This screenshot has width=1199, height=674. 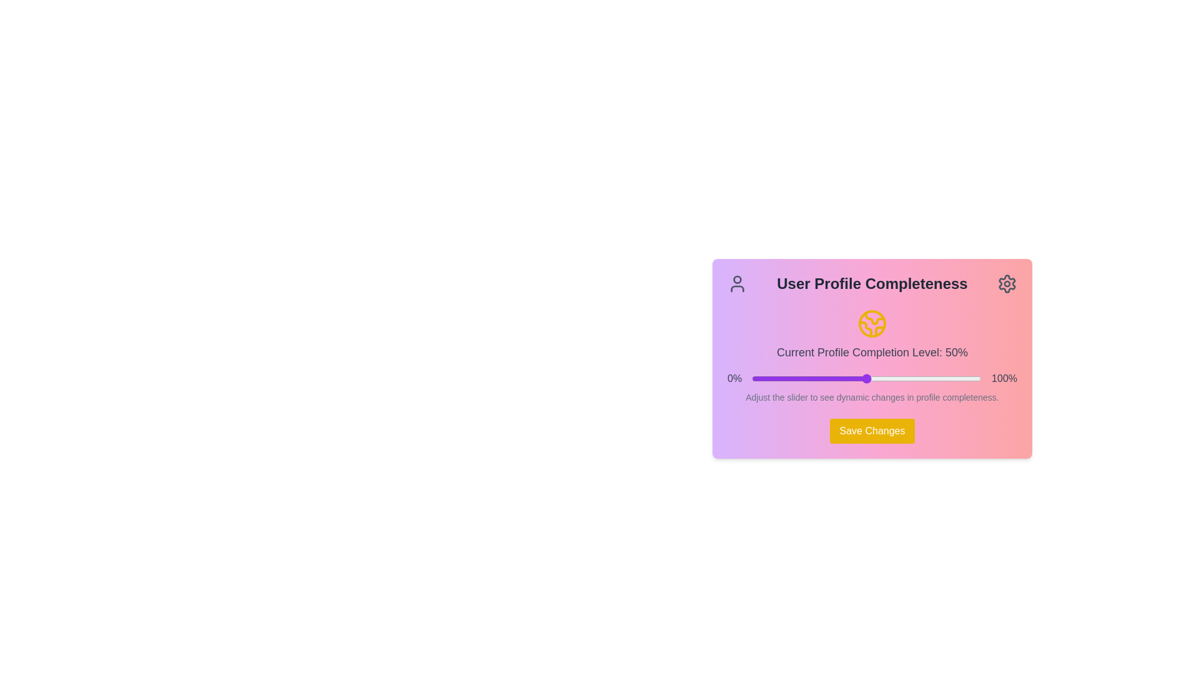 What do you see at coordinates (871, 323) in the screenshot?
I see `the decorative icon representing the user profile completeness, located at the center of the card titled 'User Profile Completeness'` at bounding box center [871, 323].